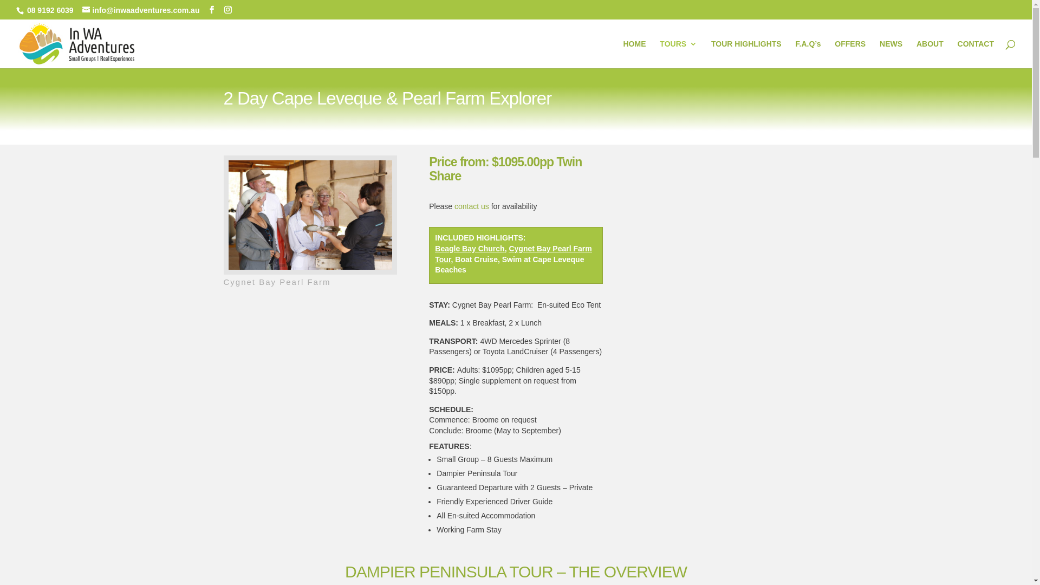  What do you see at coordinates (915, 54) in the screenshot?
I see `'ABOUT'` at bounding box center [915, 54].